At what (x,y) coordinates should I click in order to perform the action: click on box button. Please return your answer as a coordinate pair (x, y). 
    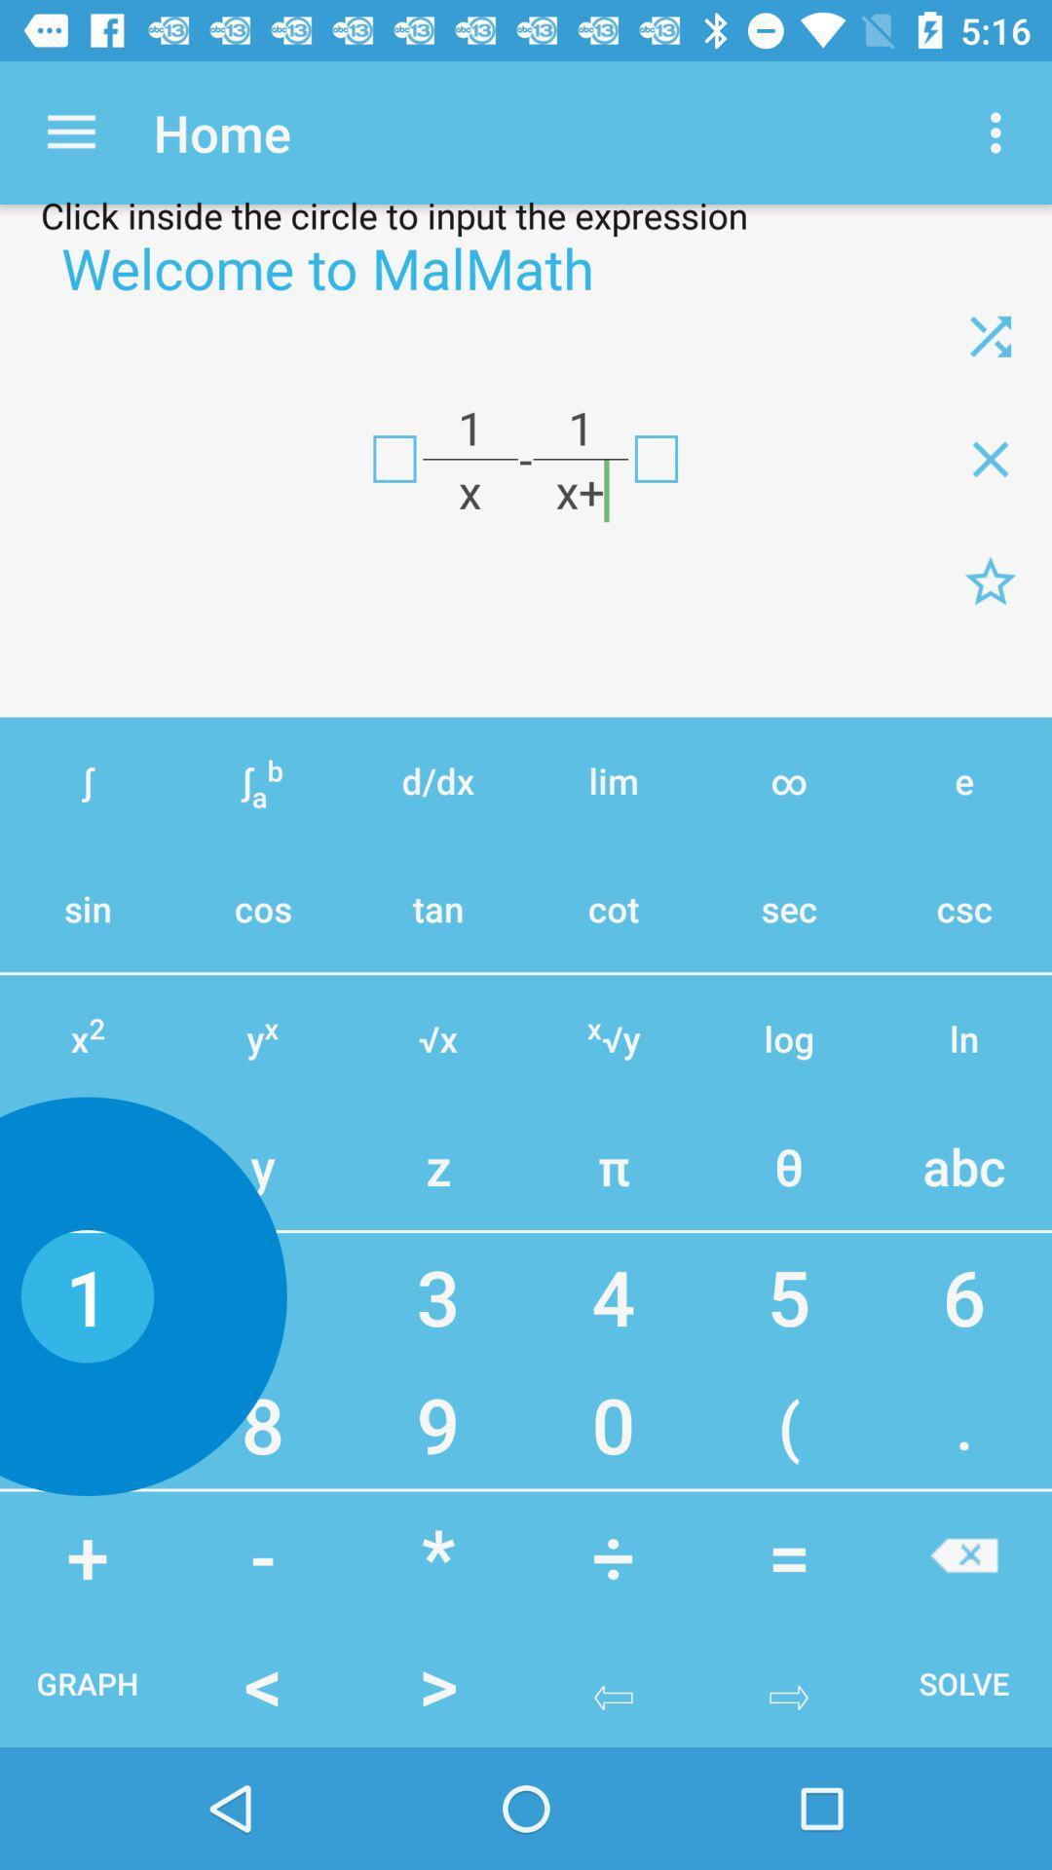
    Looking at the image, I should click on (656, 458).